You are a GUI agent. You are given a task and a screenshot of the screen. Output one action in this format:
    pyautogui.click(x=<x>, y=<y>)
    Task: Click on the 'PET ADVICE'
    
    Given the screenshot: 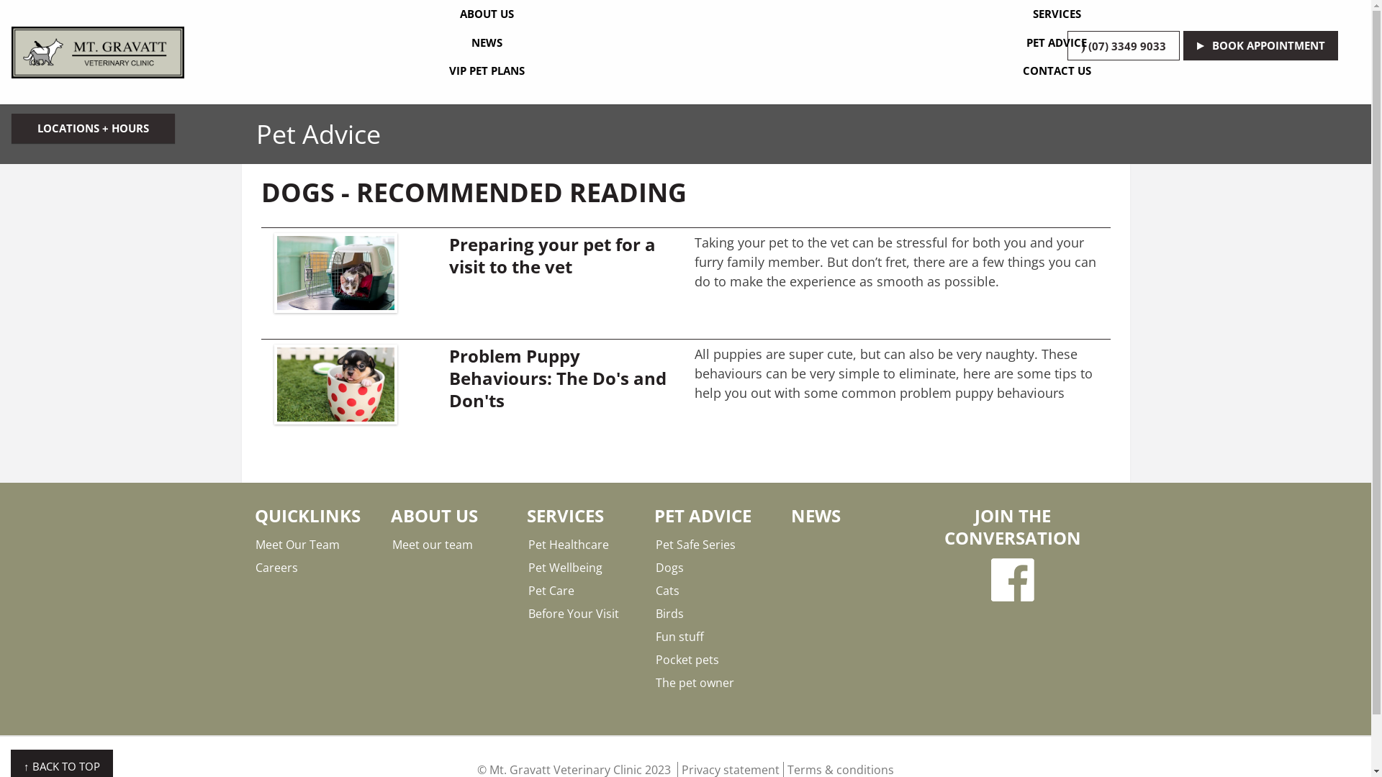 What is the action you would take?
    pyautogui.click(x=1057, y=42)
    